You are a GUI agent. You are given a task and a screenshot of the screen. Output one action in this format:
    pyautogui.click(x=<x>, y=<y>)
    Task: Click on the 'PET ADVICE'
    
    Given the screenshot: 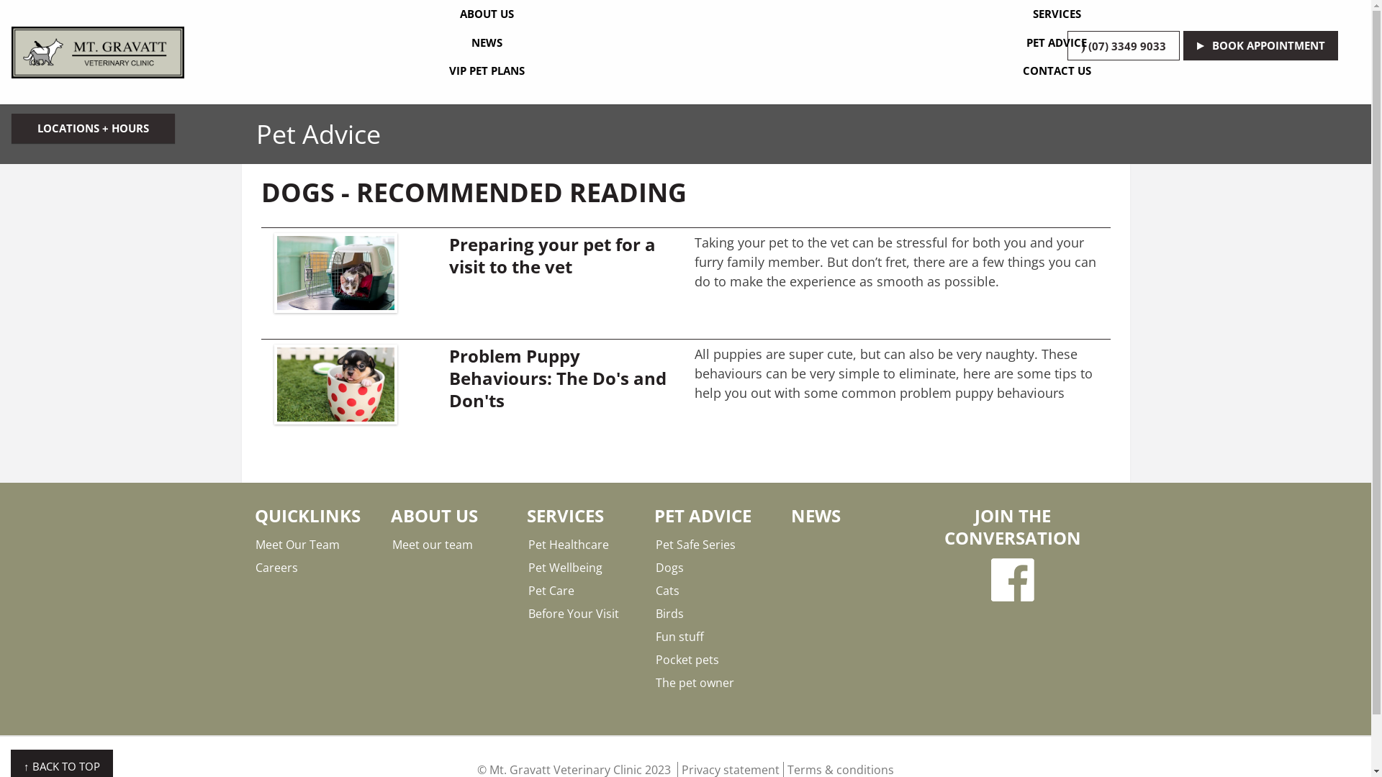 What is the action you would take?
    pyautogui.click(x=1057, y=42)
    